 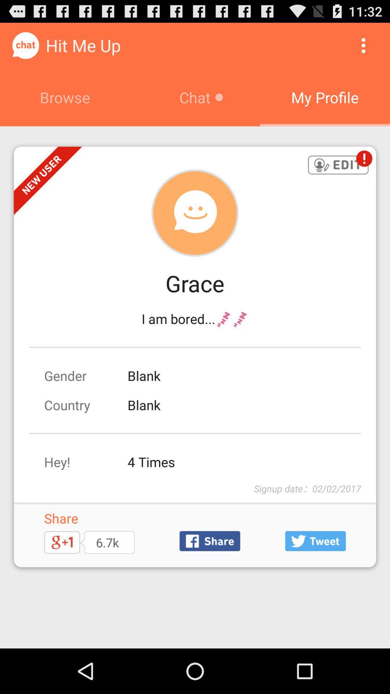 I want to click on share, so click(x=210, y=541).